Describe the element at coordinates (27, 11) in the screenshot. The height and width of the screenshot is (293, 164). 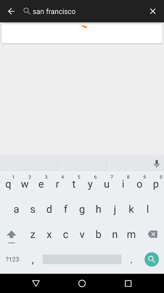
I see `the icon beside san` at that location.